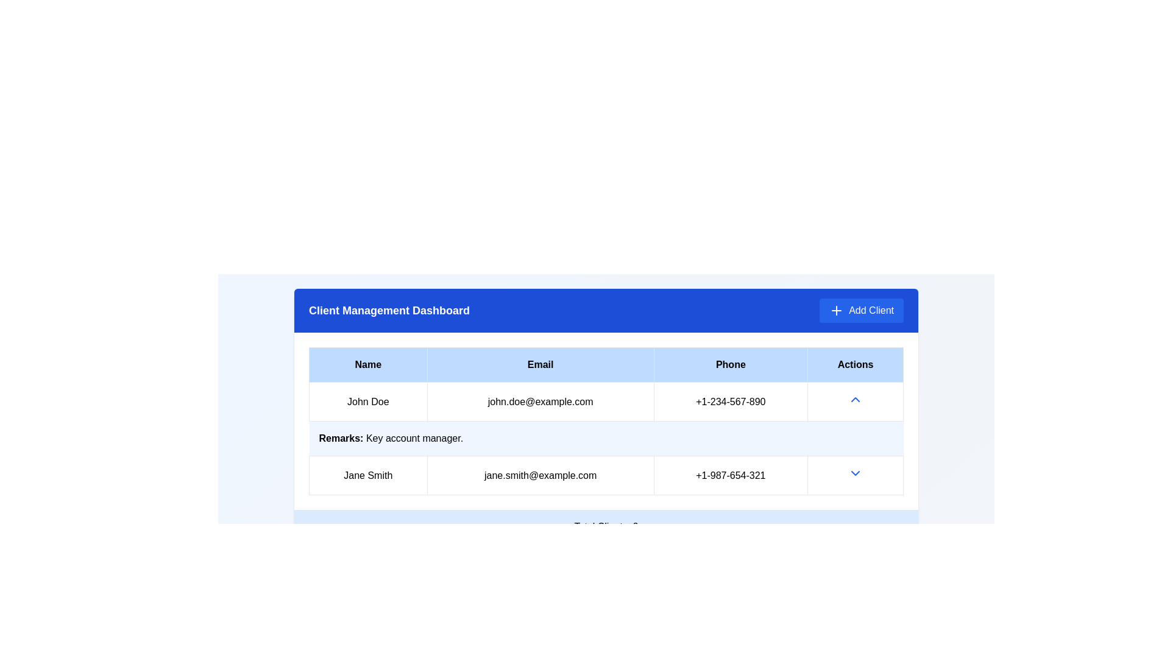  What do you see at coordinates (861, 310) in the screenshot?
I see `the button located on the right side of the 'Client Management Dashboard' header bar` at bounding box center [861, 310].